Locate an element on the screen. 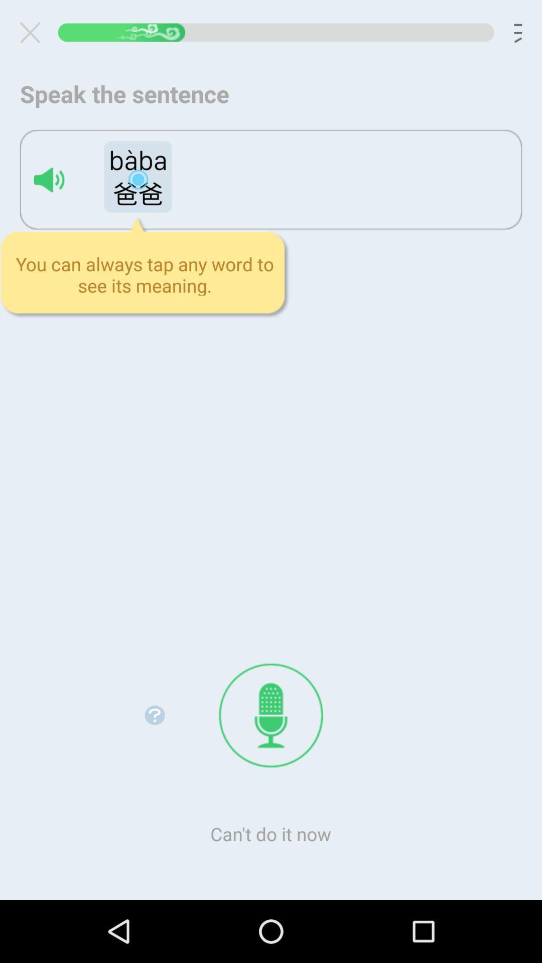 This screenshot has height=963, width=542. spell loudly is located at coordinates (49, 180).